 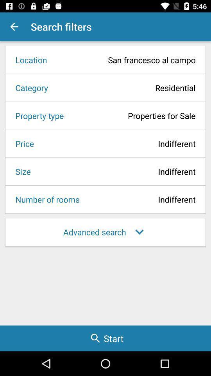 I want to click on the item below the location item, so click(x=124, y=88).